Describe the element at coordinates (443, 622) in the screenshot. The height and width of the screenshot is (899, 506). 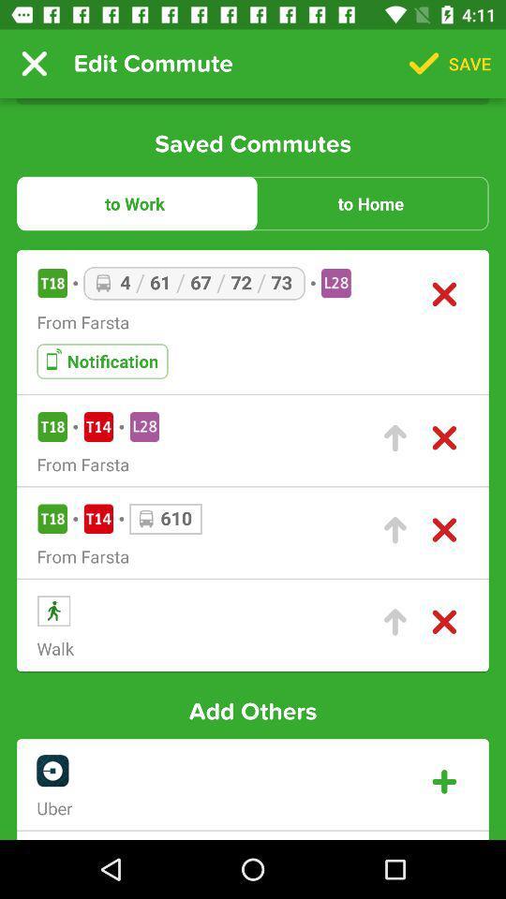
I see `button to delete route` at that location.